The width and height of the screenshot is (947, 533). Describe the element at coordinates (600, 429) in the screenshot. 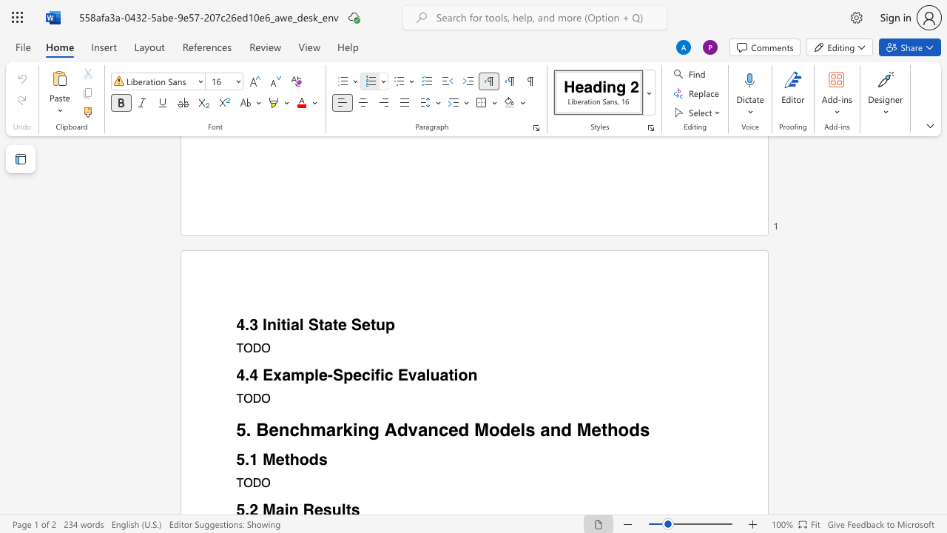

I see `the space between the continuous character "e" and "t" in the text` at that location.